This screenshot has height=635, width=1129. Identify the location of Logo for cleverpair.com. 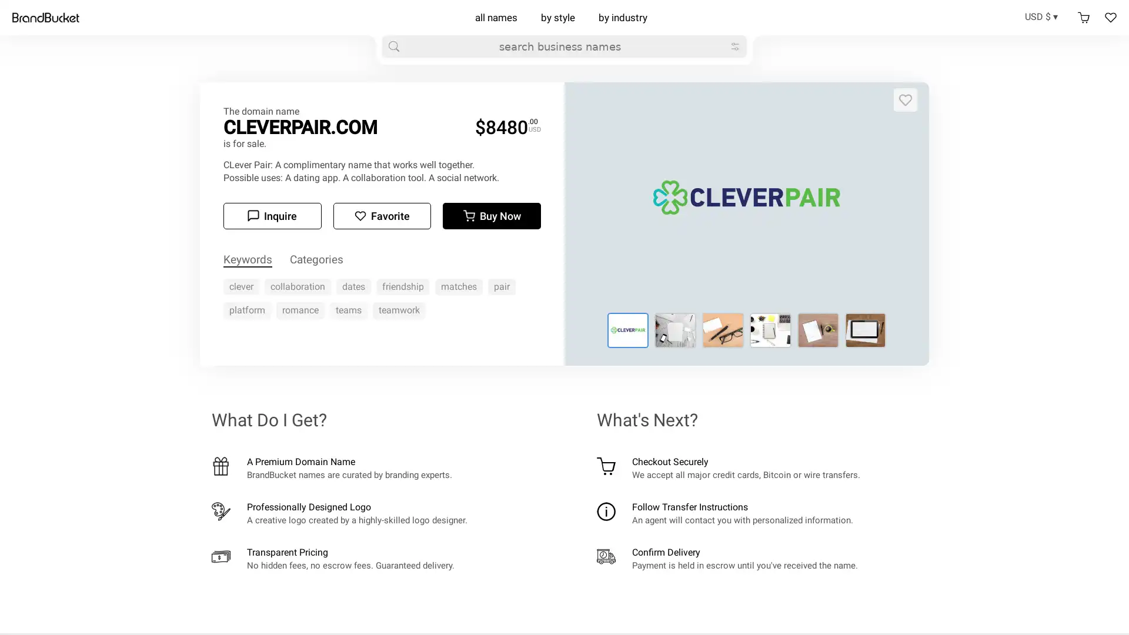
(817, 329).